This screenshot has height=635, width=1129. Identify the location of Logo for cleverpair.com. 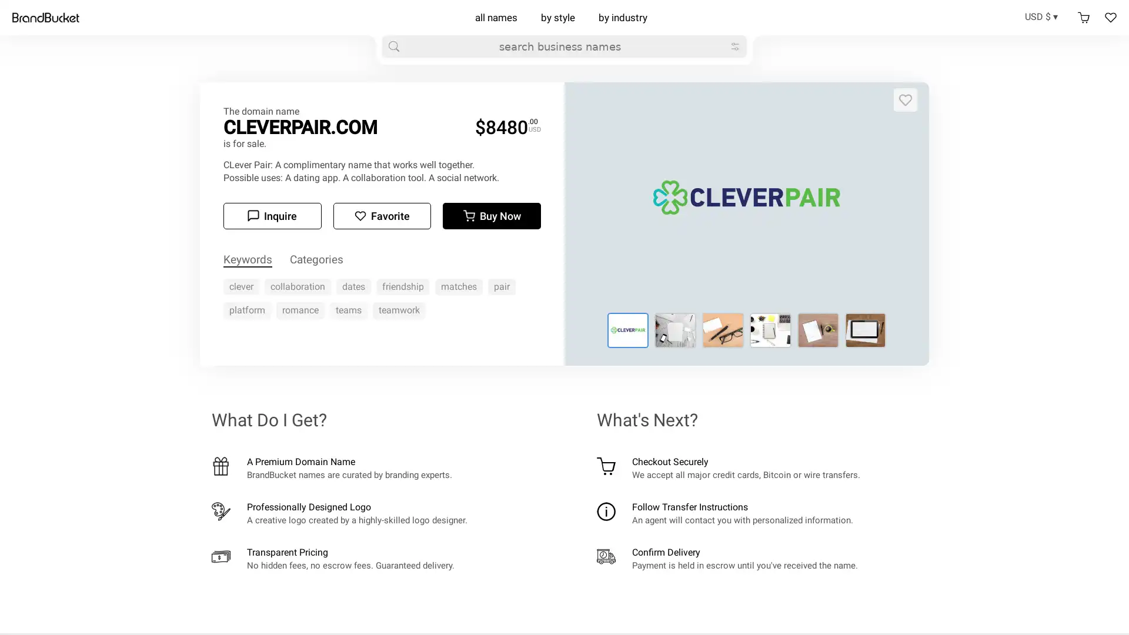
(817, 329).